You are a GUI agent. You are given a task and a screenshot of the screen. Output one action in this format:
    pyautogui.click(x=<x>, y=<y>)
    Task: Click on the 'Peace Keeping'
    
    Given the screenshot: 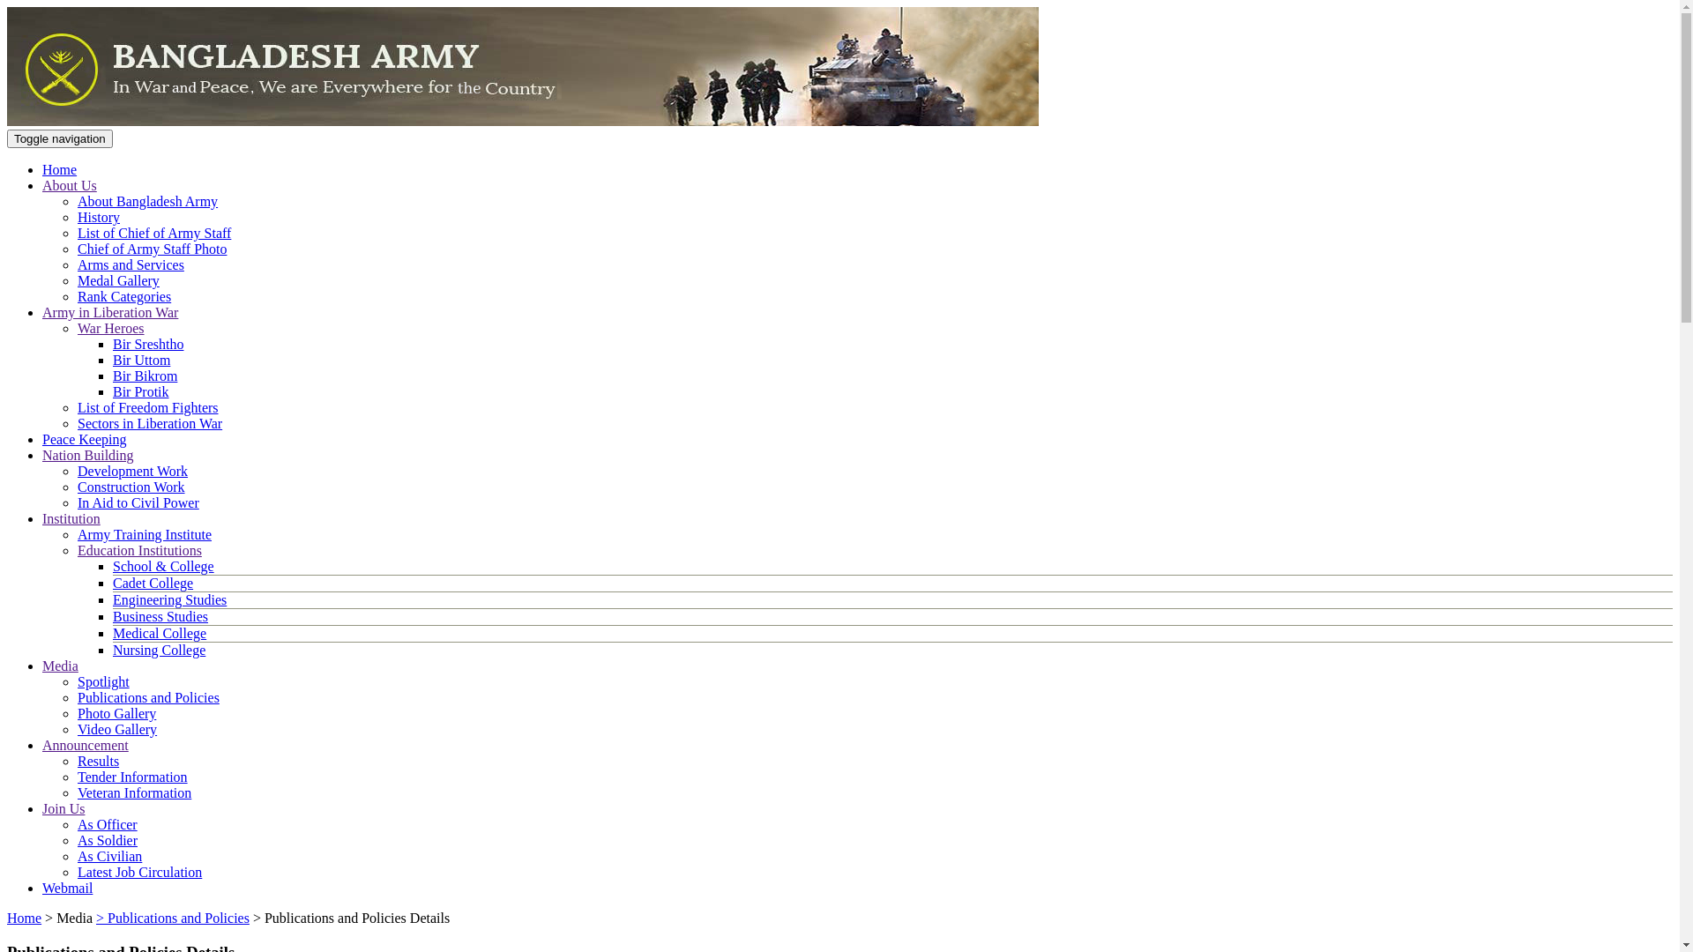 What is the action you would take?
    pyautogui.click(x=84, y=438)
    